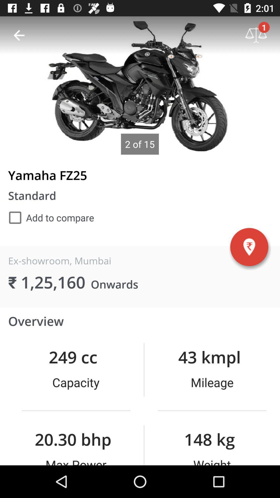 This screenshot has height=498, width=280. I want to click on the item next to the ex-showroom, mumbai item, so click(249, 247).